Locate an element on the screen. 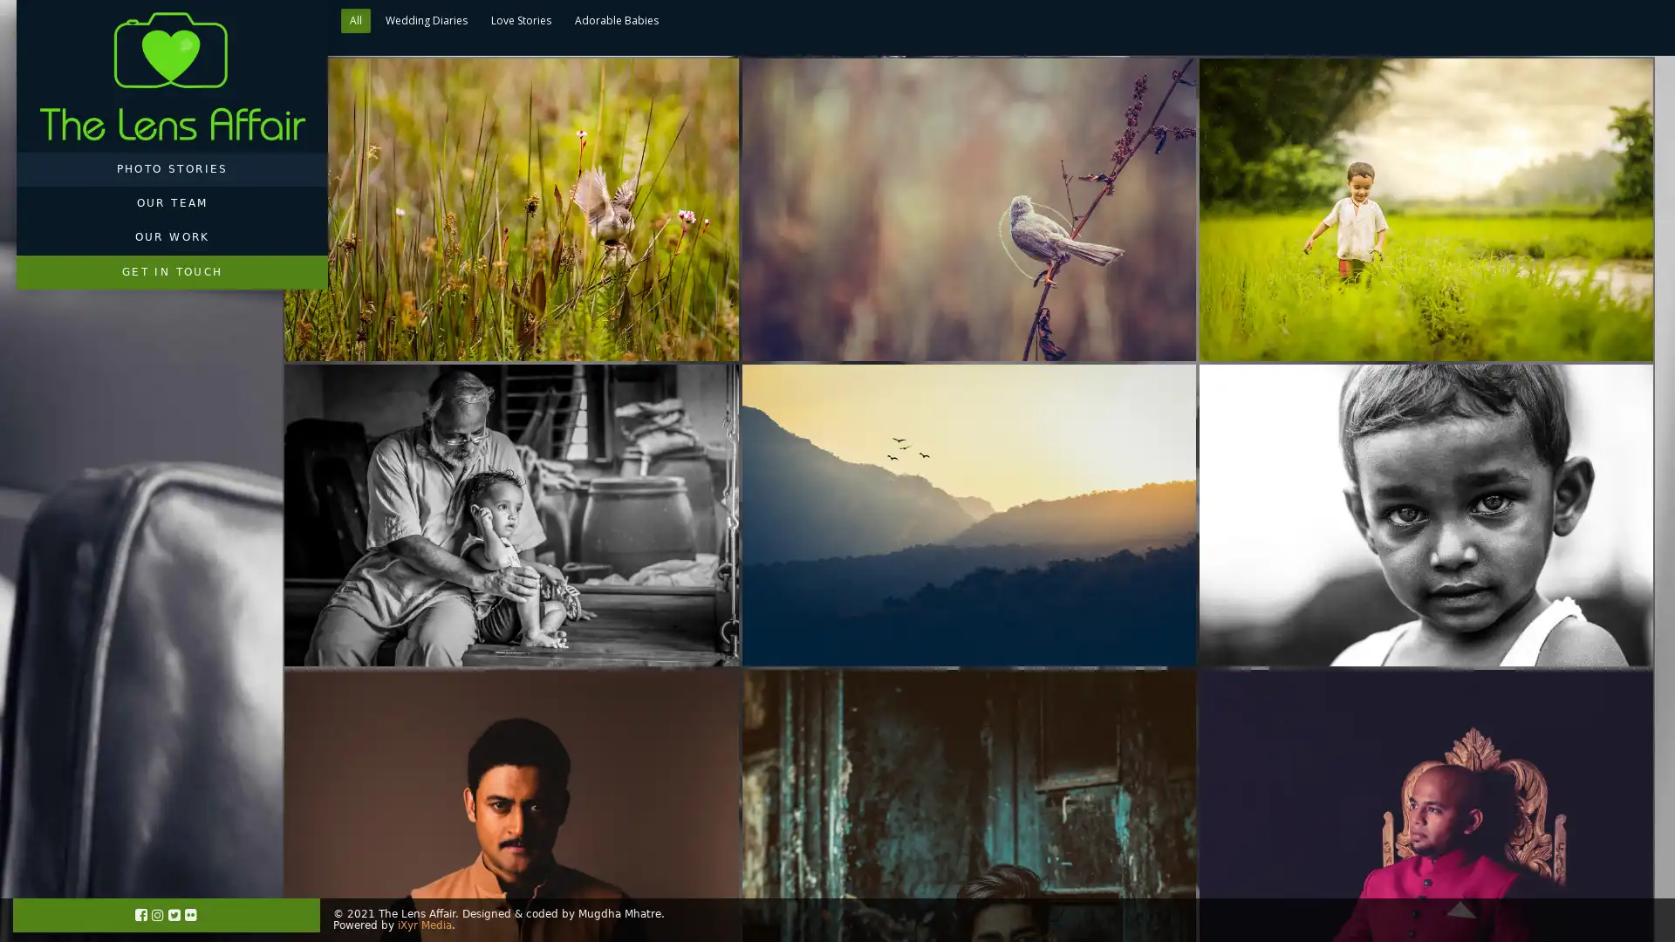  Wedding Diaries is located at coordinates (426, 20).